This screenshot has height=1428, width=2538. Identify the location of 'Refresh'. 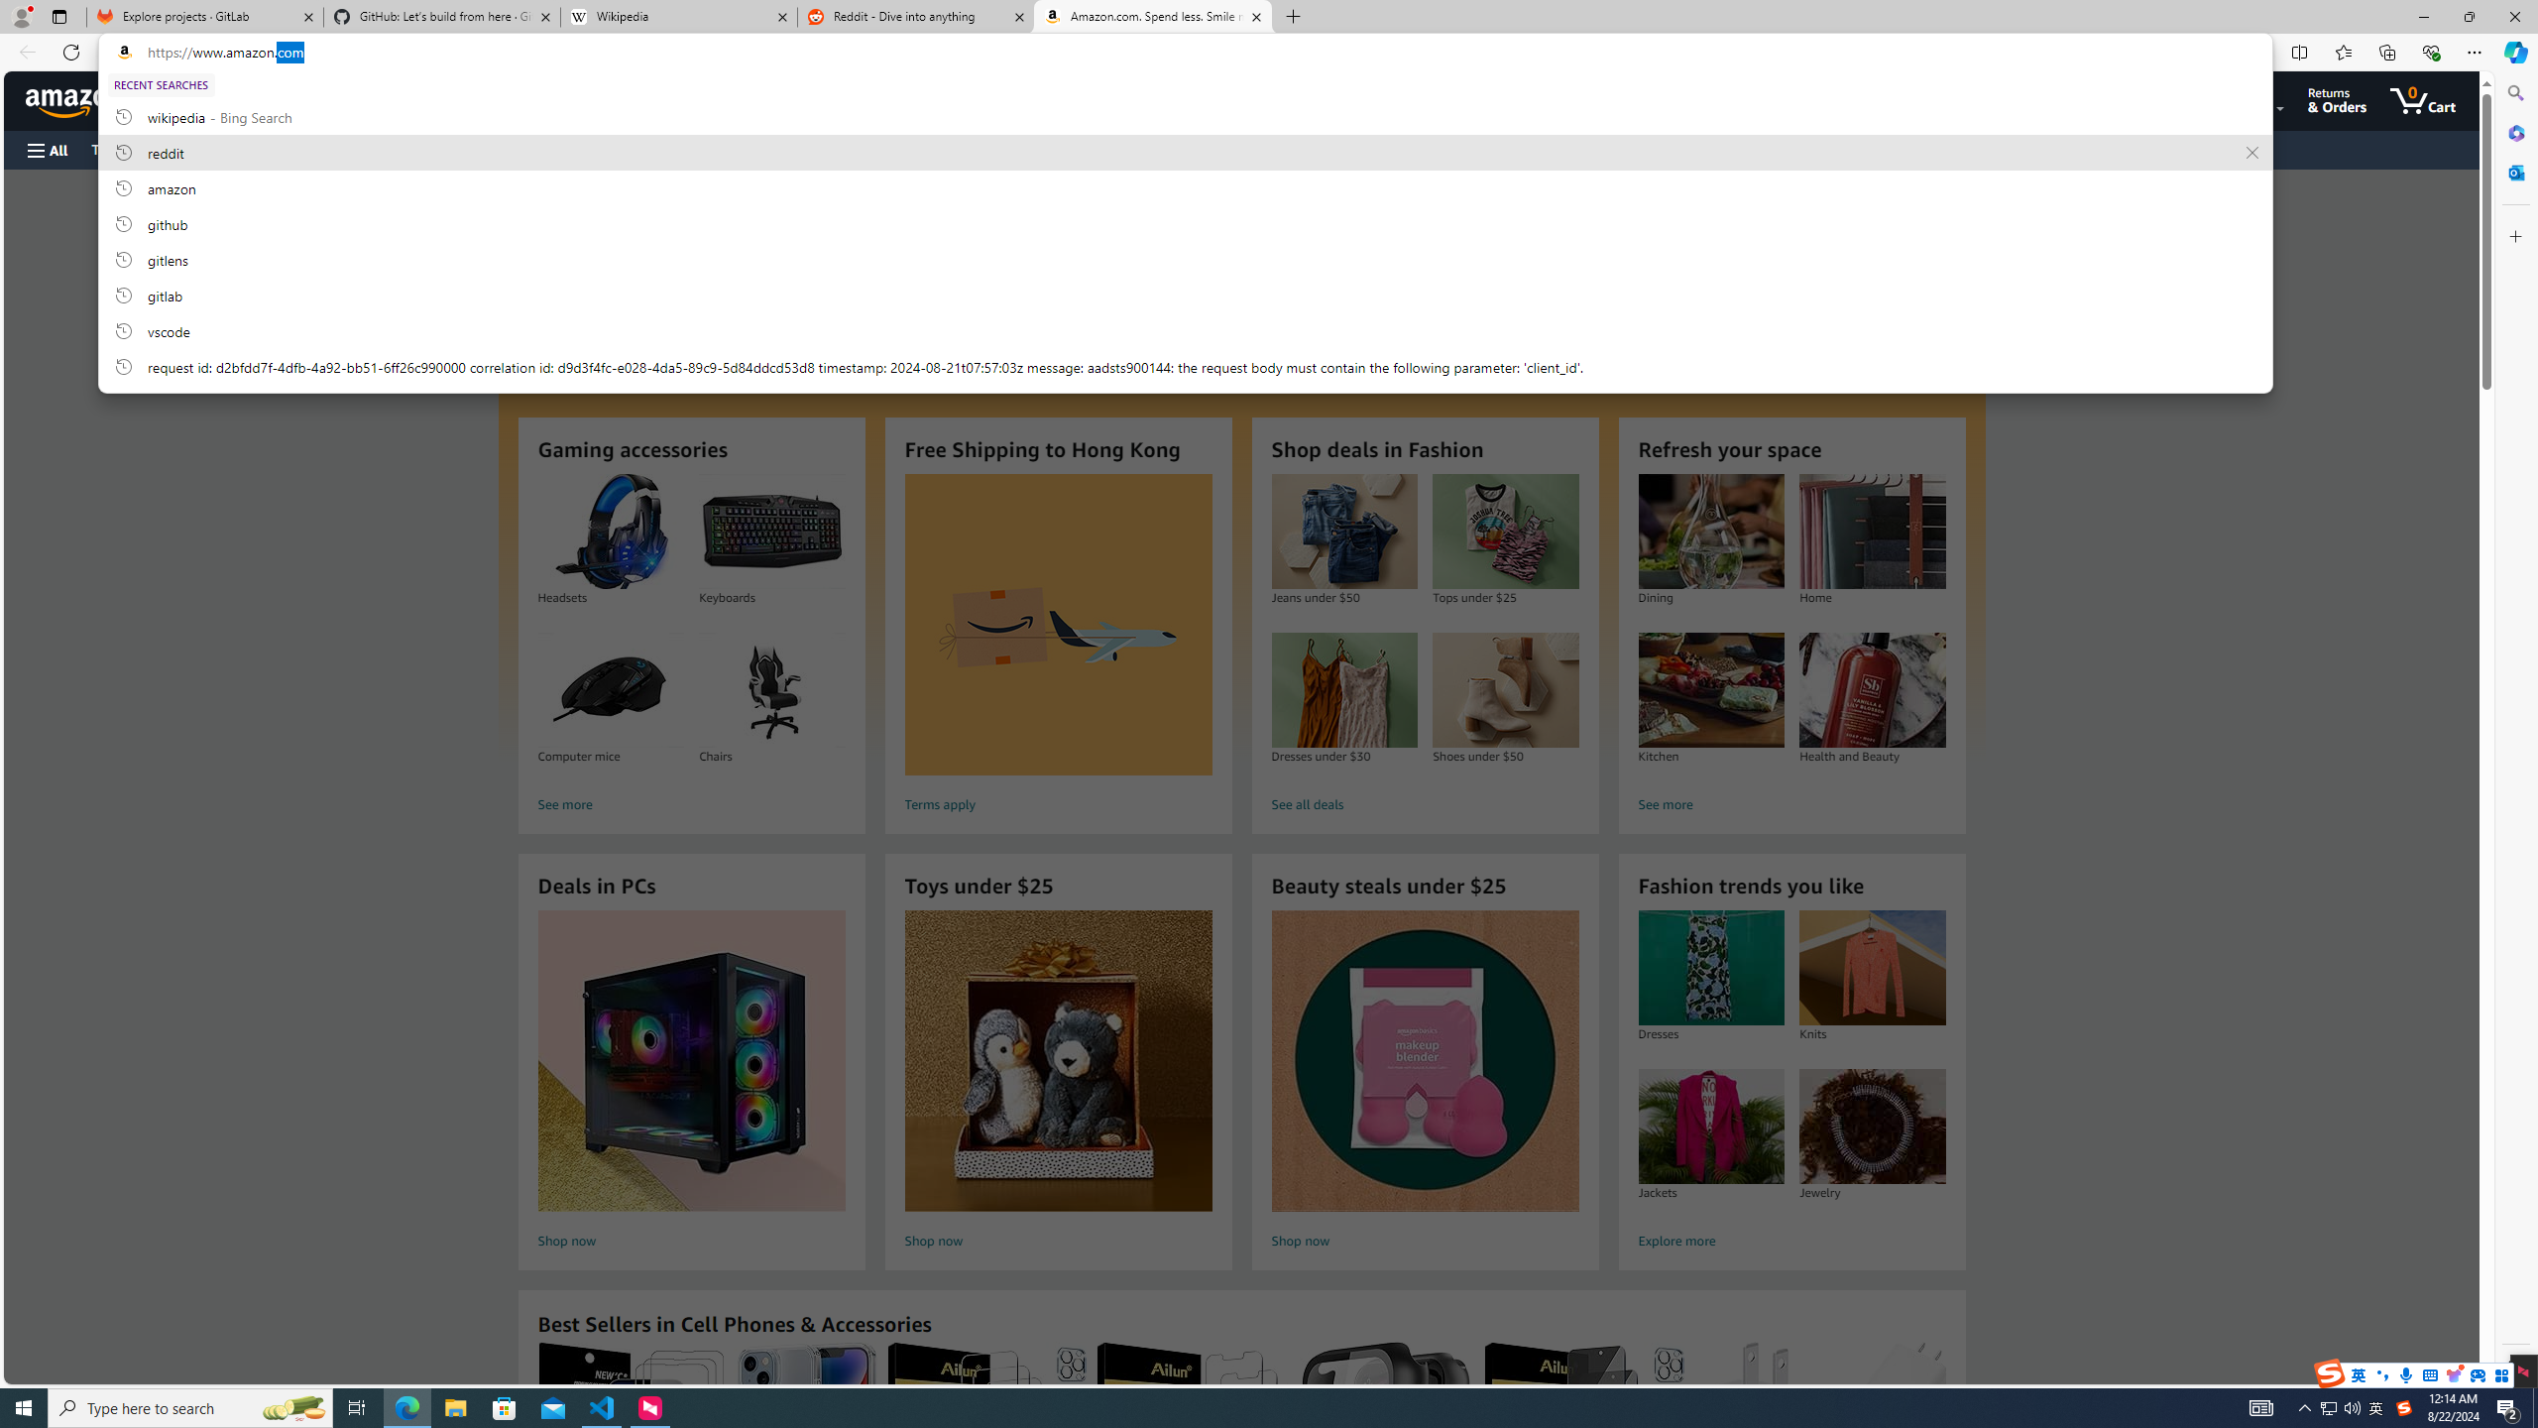
(69, 51).